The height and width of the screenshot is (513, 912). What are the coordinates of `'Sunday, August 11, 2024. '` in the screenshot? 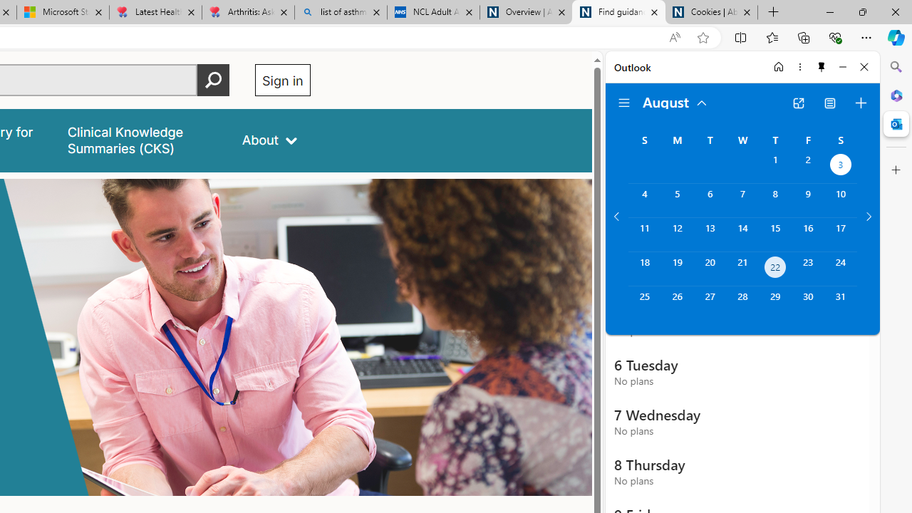 It's located at (643, 234).